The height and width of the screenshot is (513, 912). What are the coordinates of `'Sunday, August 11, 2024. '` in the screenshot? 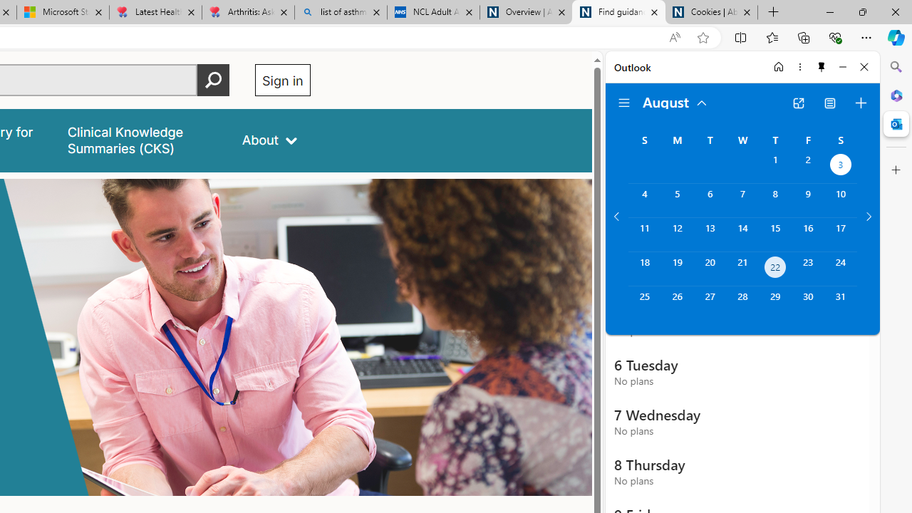 It's located at (643, 234).